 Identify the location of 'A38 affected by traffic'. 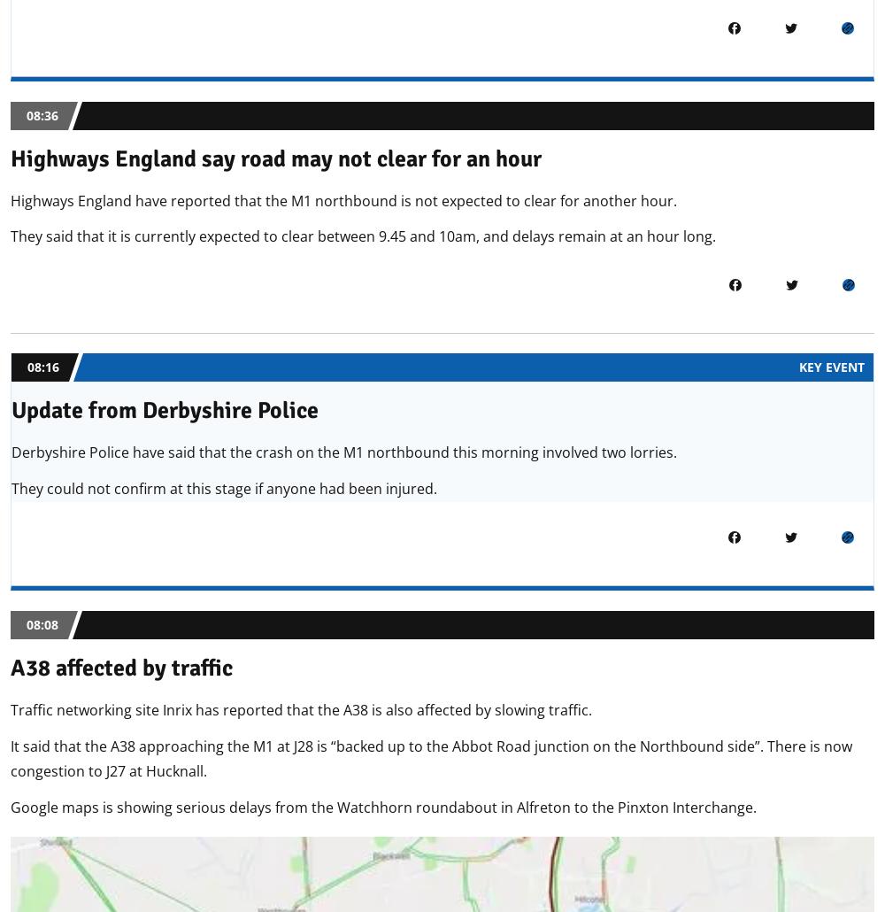
(121, 667).